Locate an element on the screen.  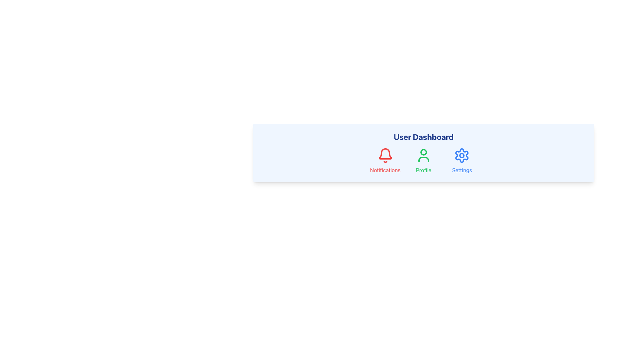
the graphical circle element located centrally within the settings icon in the navigation bar at the bottom of the user dashboard is located at coordinates (462, 155).